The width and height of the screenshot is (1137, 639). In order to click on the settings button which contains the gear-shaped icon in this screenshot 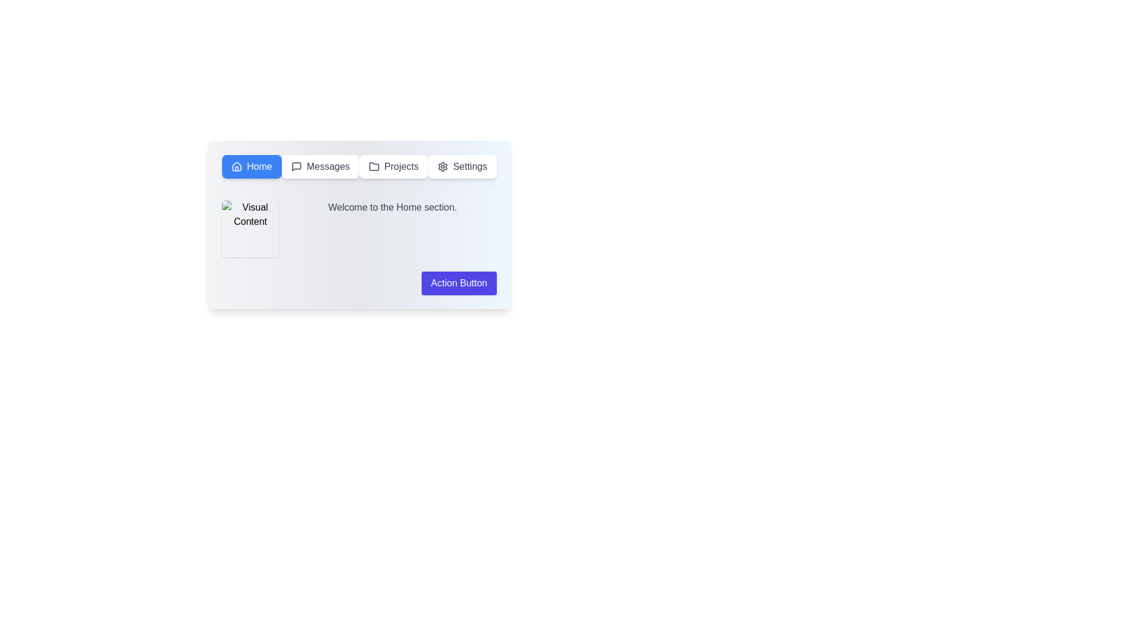, I will do `click(442, 166)`.